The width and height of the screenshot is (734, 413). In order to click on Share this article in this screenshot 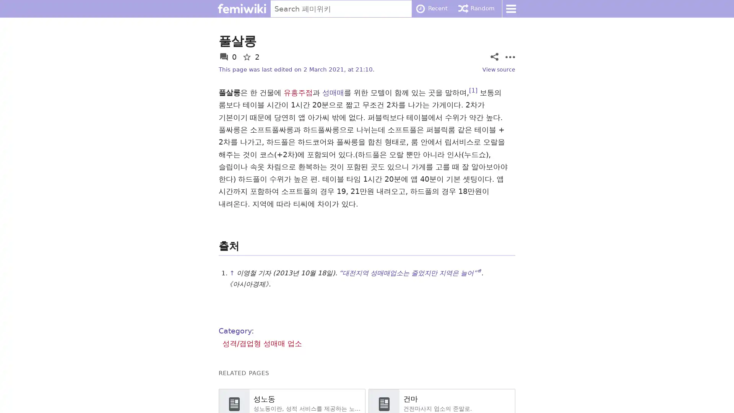, I will do `click(494, 56)`.